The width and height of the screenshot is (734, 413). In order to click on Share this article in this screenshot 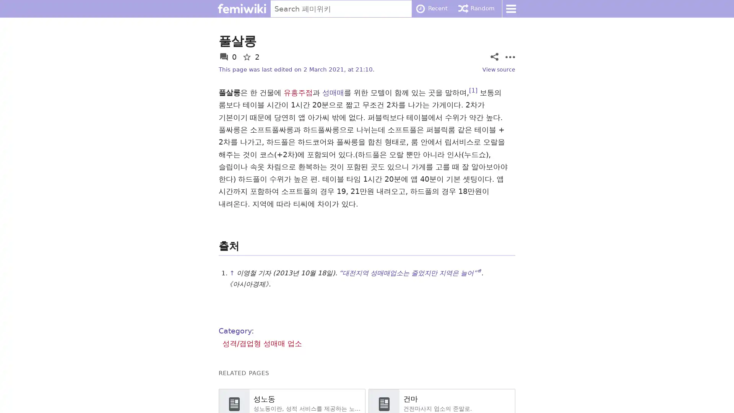, I will do `click(494, 56)`.